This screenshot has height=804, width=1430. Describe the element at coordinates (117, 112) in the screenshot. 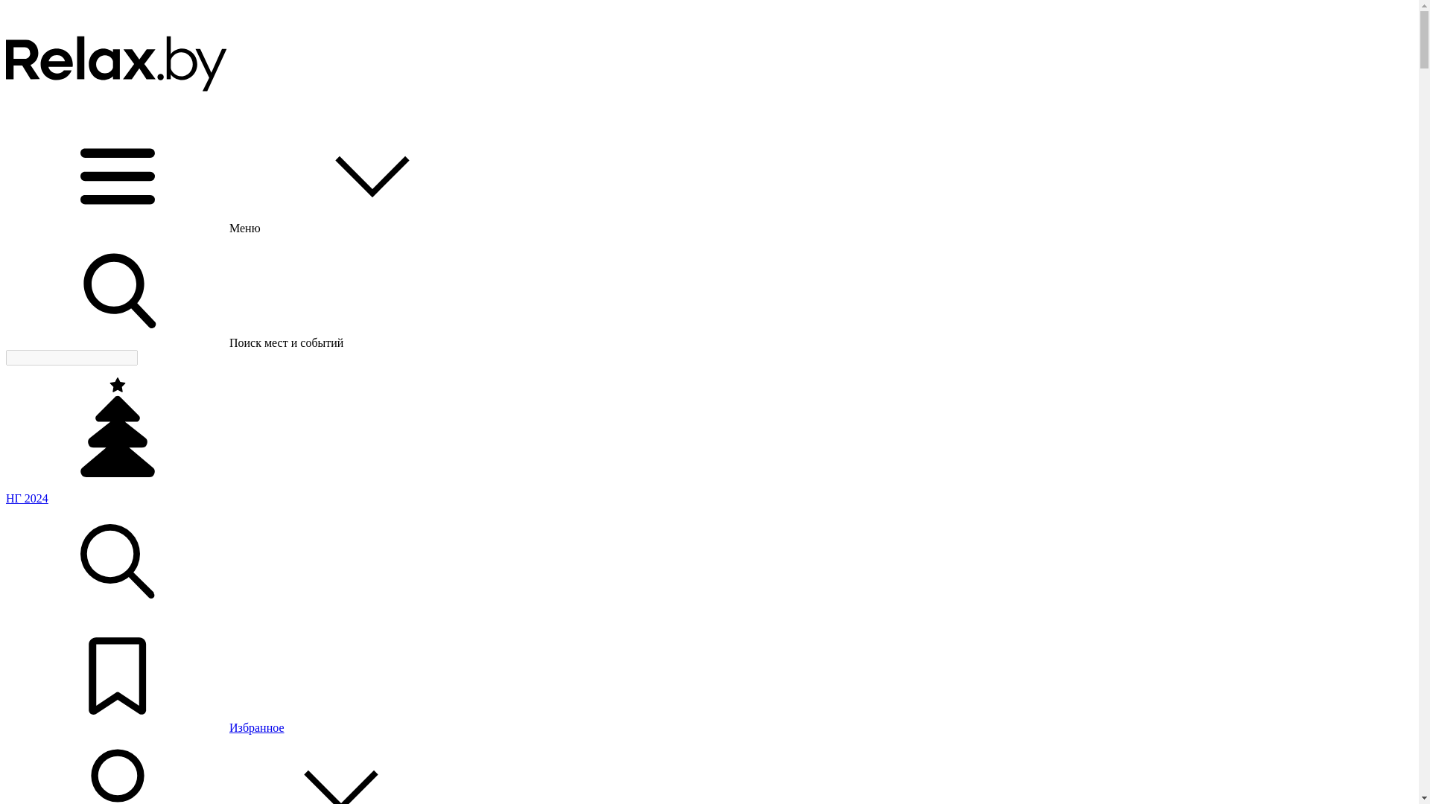

I see `'logo'` at that location.